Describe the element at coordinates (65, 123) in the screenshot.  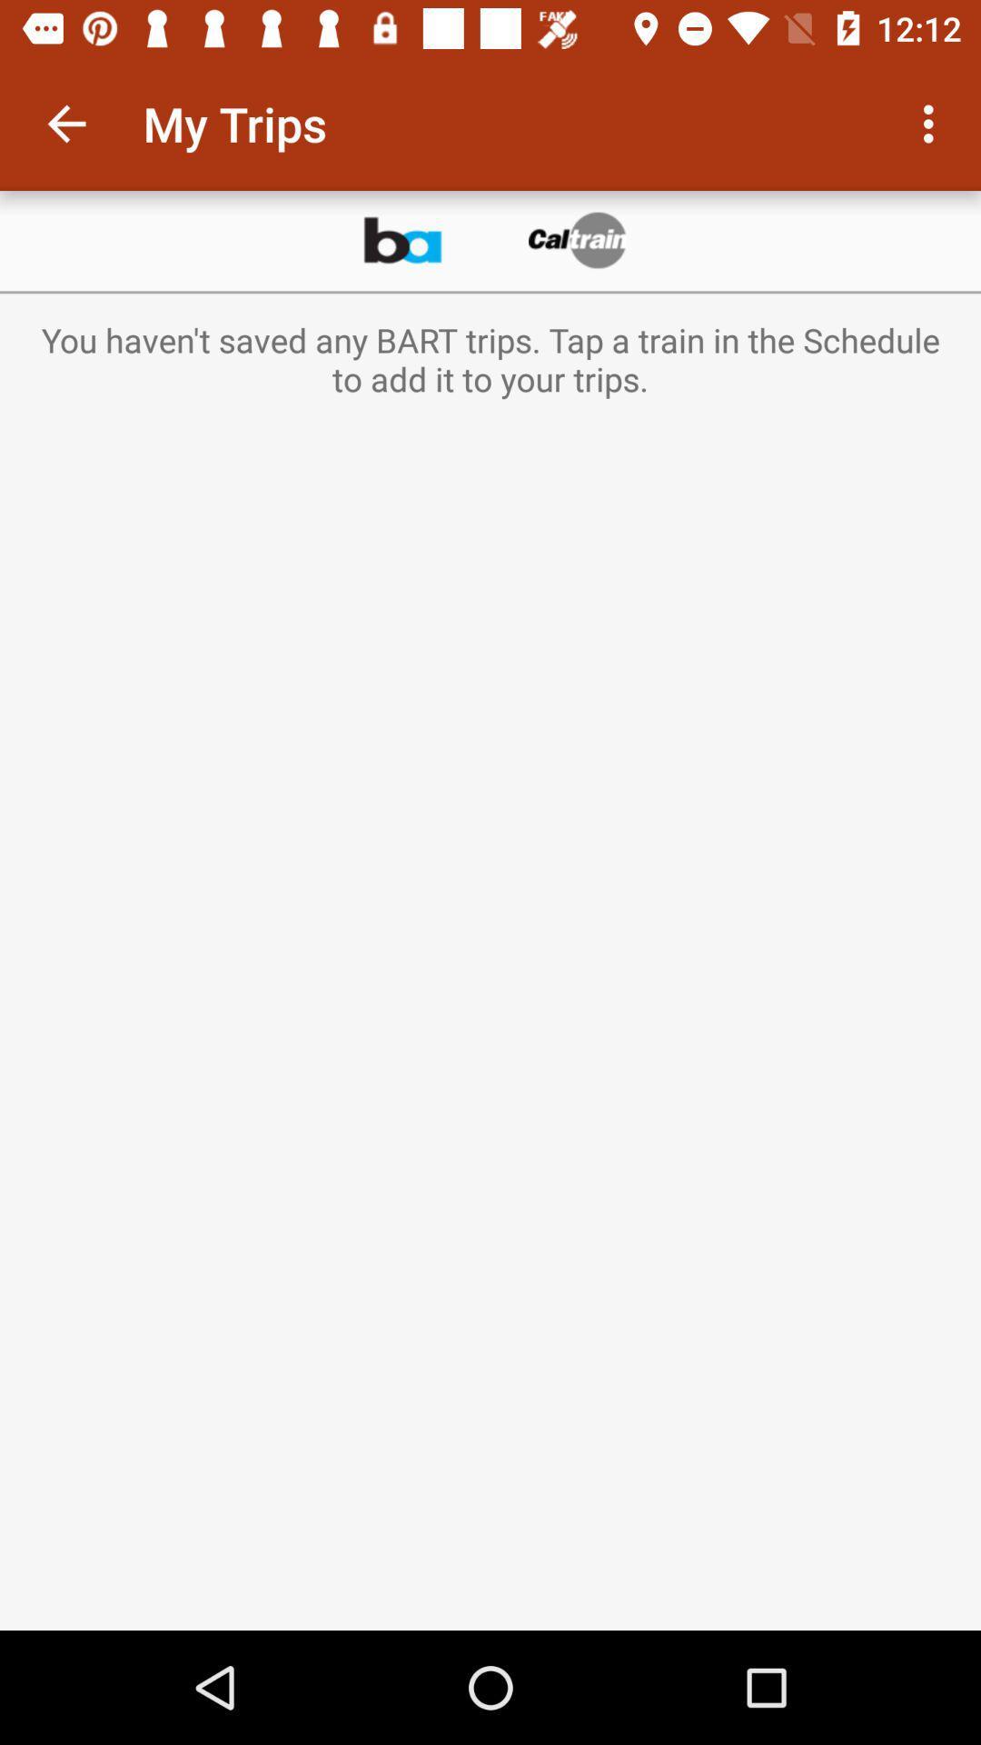
I see `icon next to my trips item` at that location.